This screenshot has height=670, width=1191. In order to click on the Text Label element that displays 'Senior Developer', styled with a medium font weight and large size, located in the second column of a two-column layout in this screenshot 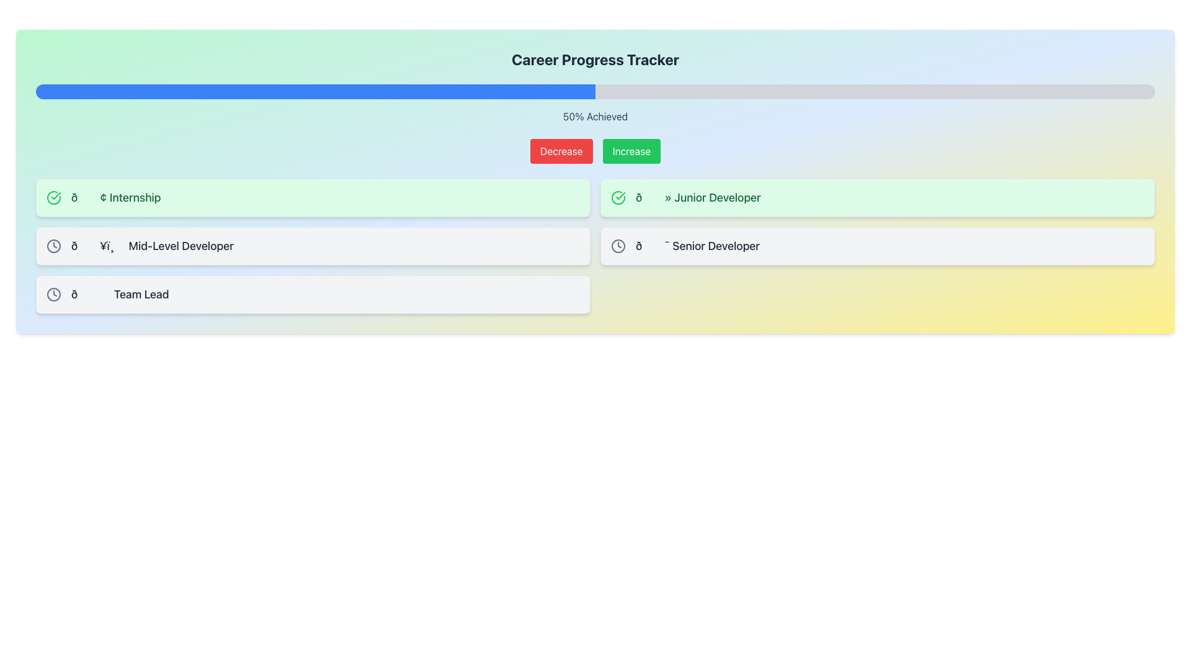, I will do `click(697, 246)`.